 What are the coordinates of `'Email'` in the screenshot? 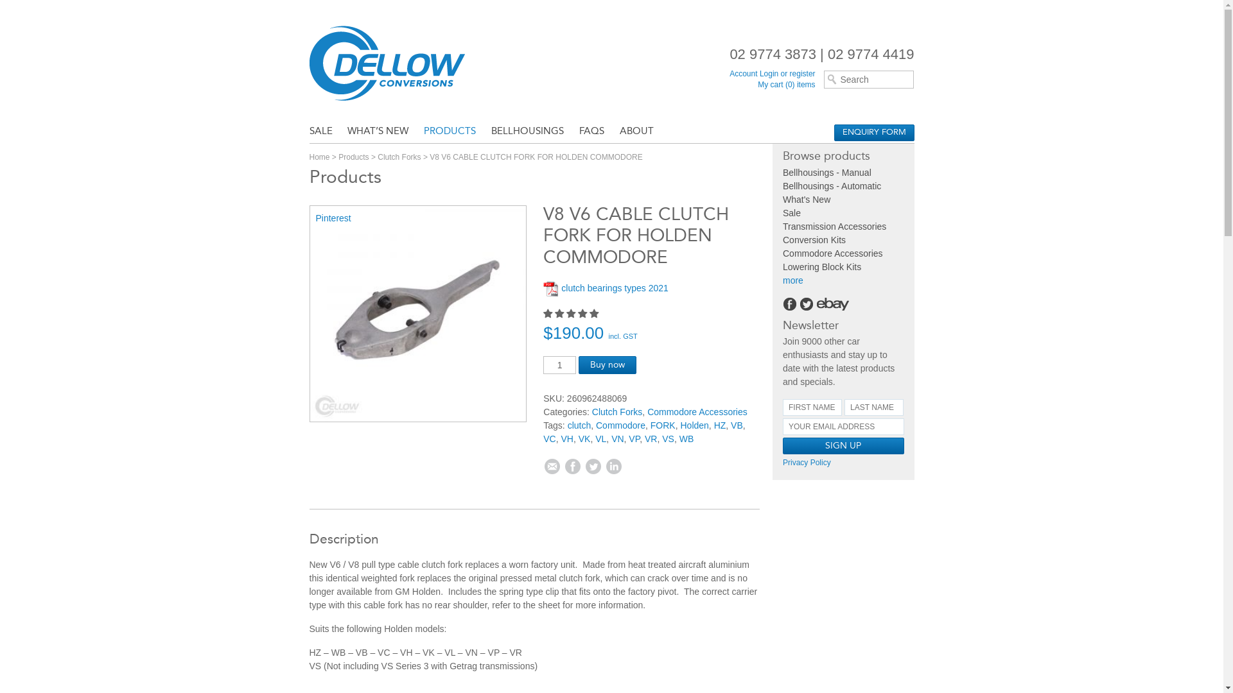 It's located at (552, 466).